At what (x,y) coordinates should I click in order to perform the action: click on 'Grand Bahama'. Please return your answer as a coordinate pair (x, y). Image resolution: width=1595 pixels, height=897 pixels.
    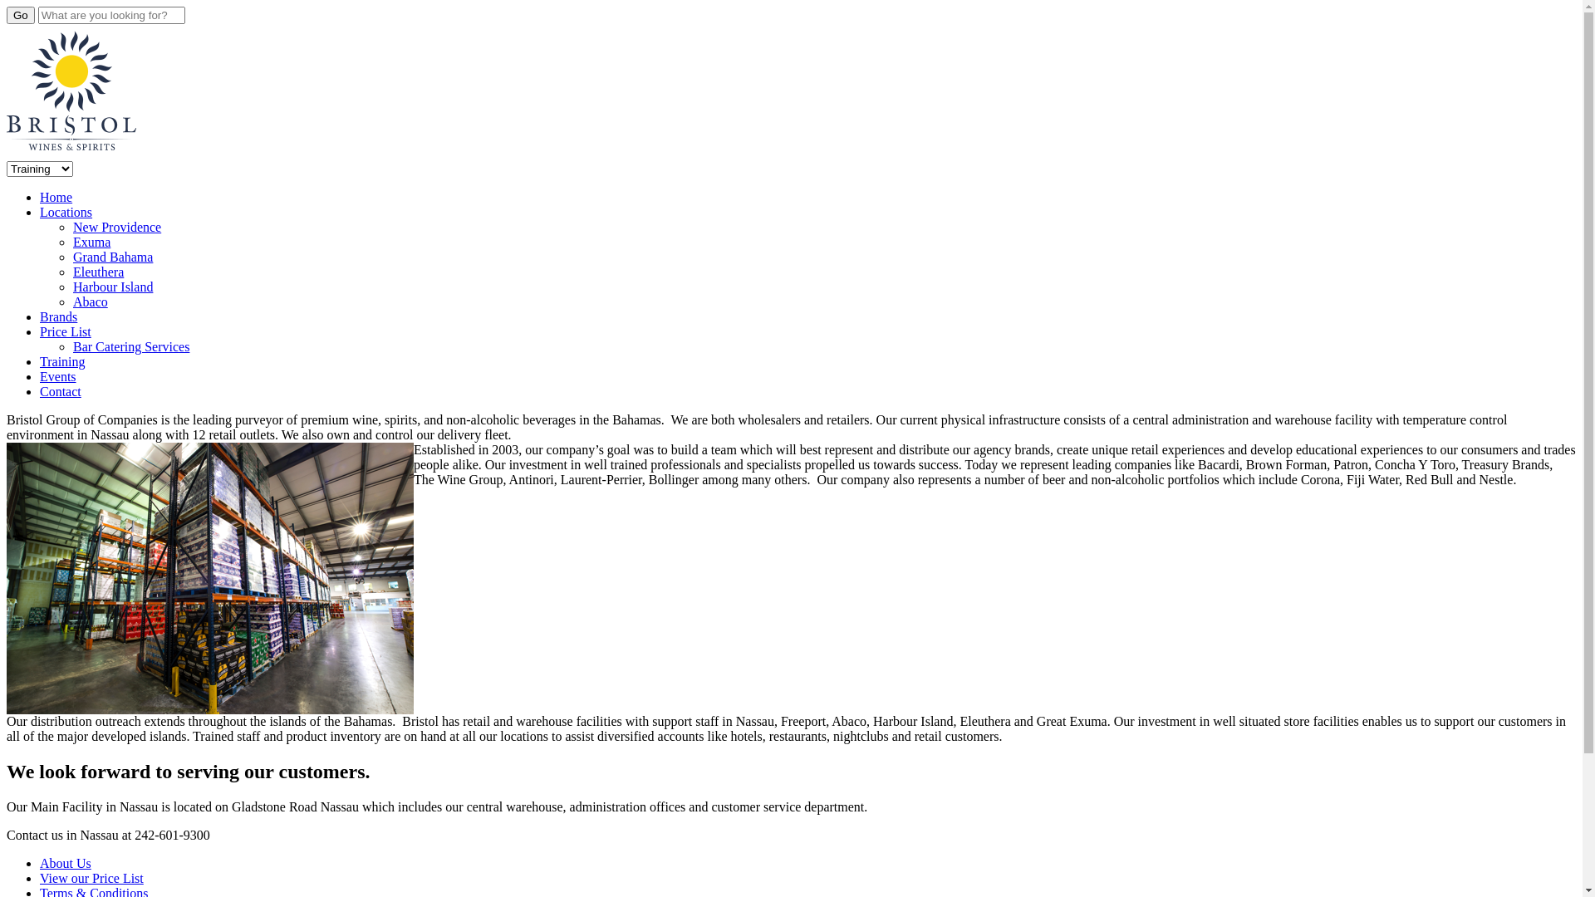
    Looking at the image, I should click on (111, 257).